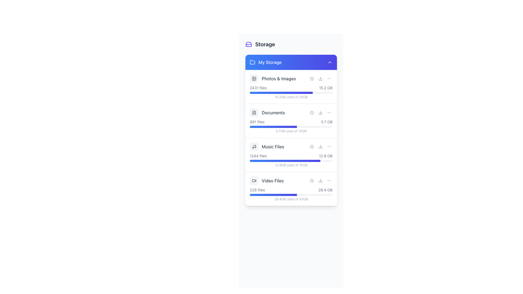 The height and width of the screenshot is (294, 523). Describe the element at coordinates (248, 44) in the screenshot. I see `the hard drive icon element, which is an indigo-colored SVG component with slanted inner edges, located near the 'Storage' label in the header section` at that location.